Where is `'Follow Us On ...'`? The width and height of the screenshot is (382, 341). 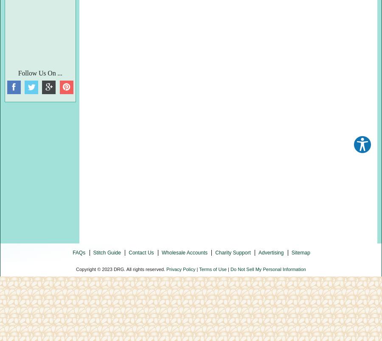
'Follow Us On ...' is located at coordinates (39, 73).